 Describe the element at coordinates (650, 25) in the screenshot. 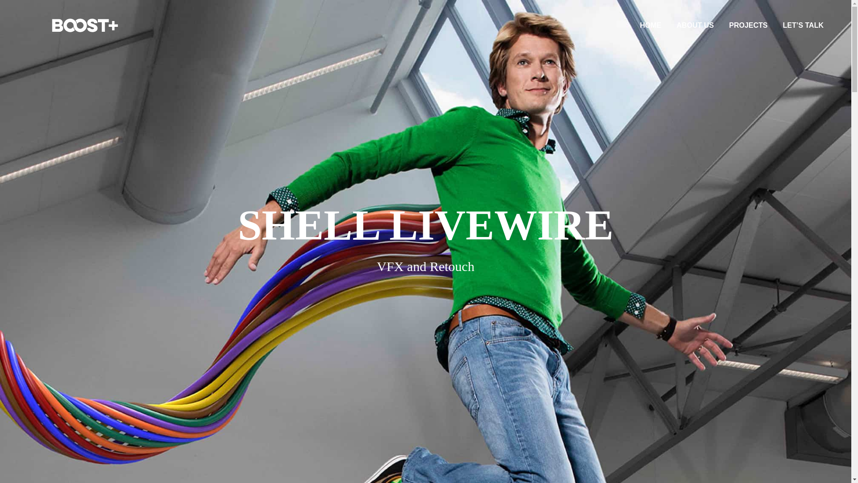

I see `'HOME'` at that location.